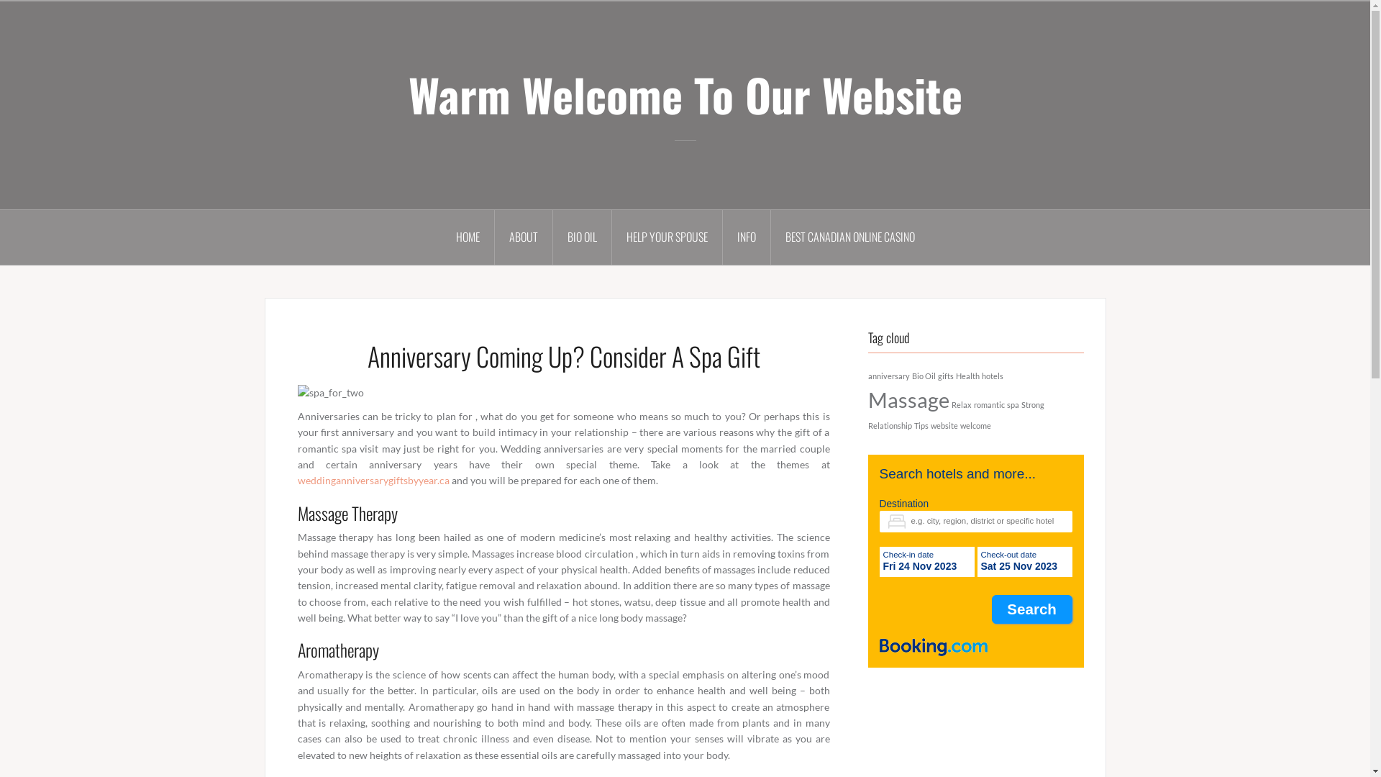 The height and width of the screenshot is (777, 1381). I want to click on 'Search', so click(1031, 609).